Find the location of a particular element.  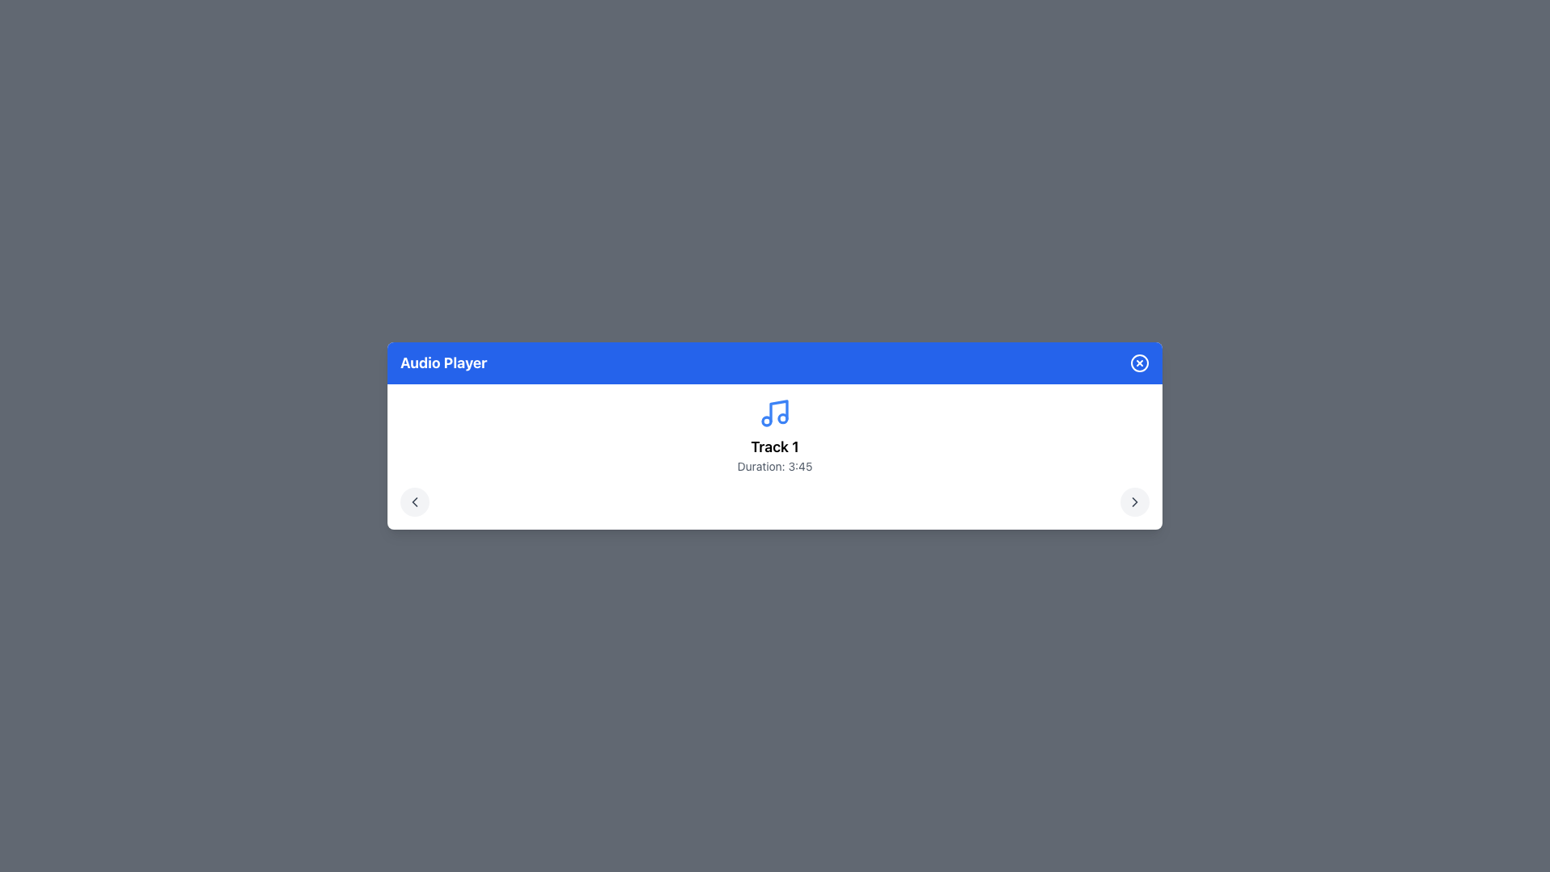

the small circular button with a light gray background and a right-pointing chevron icon located at the lower right corner of the card interface is located at coordinates (1134, 501).